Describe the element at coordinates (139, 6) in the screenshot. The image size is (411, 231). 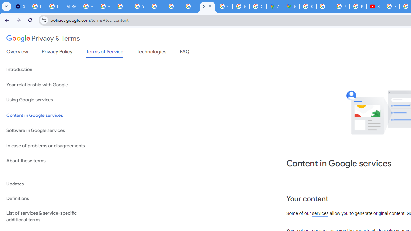
I see `'YouTube'` at that location.